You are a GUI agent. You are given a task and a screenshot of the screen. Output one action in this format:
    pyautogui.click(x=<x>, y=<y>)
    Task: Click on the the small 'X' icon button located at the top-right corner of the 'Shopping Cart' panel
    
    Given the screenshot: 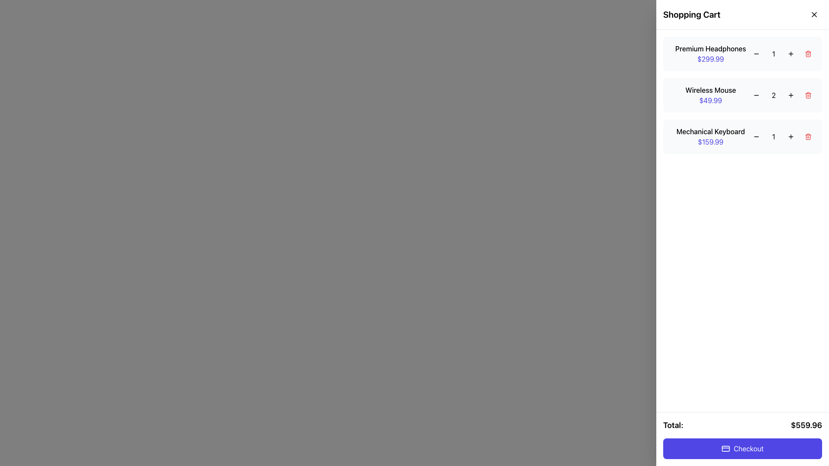 What is the action you would take?
    pyautogui.click(x=814, y=15)
    